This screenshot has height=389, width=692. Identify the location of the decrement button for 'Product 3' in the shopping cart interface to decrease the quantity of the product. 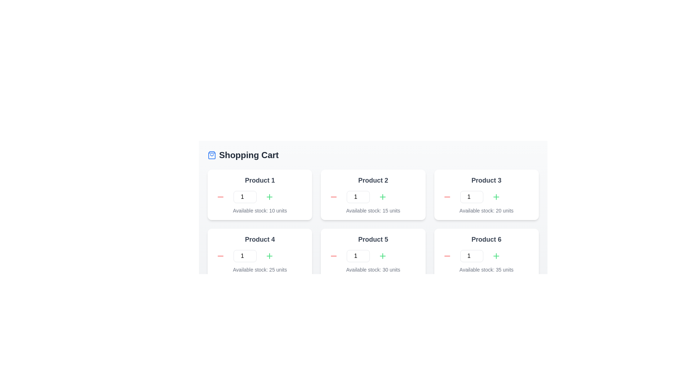
(447, 197).